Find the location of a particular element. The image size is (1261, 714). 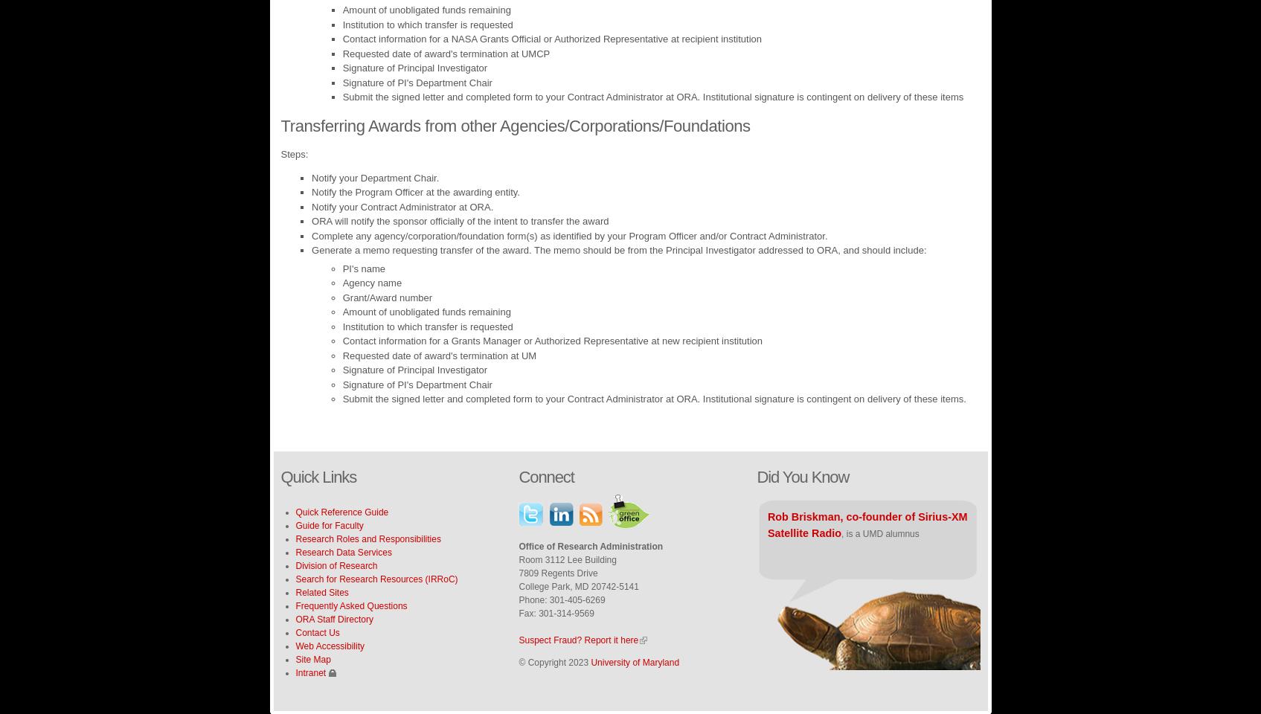

'Frequently Asked Questions' is located at coordinates (350, 605).